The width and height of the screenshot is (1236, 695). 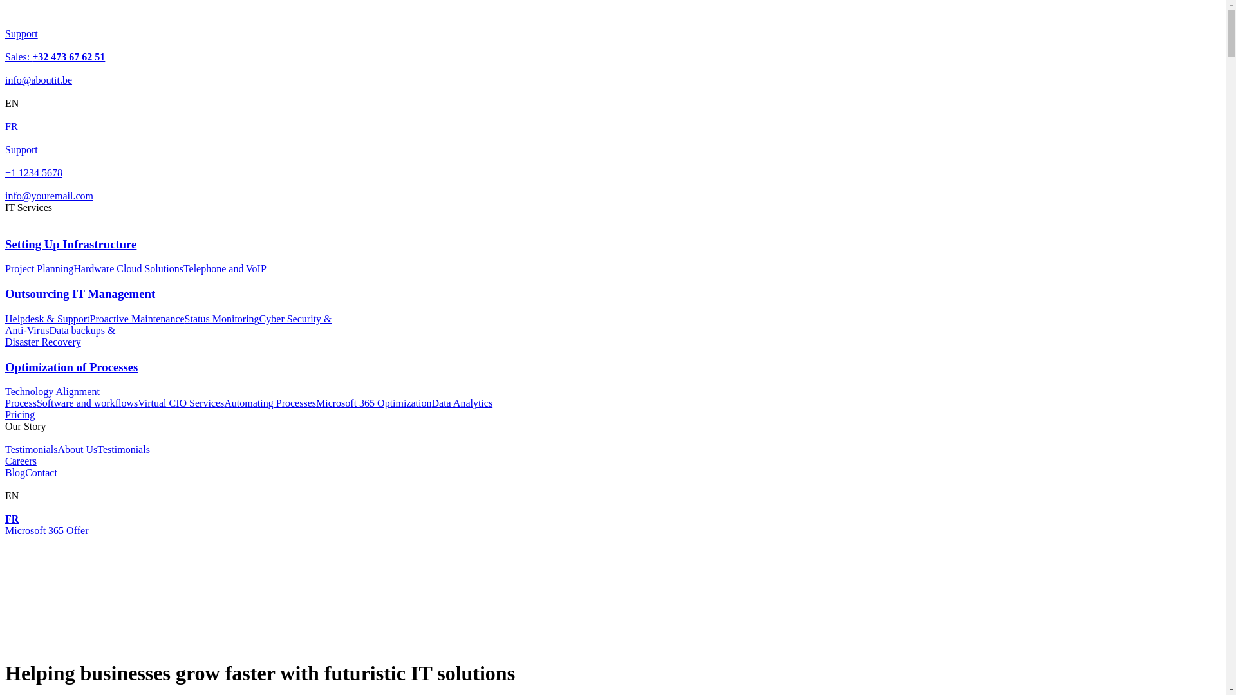 I want to click on 'Data Analytics', so click(x=462, y=402).